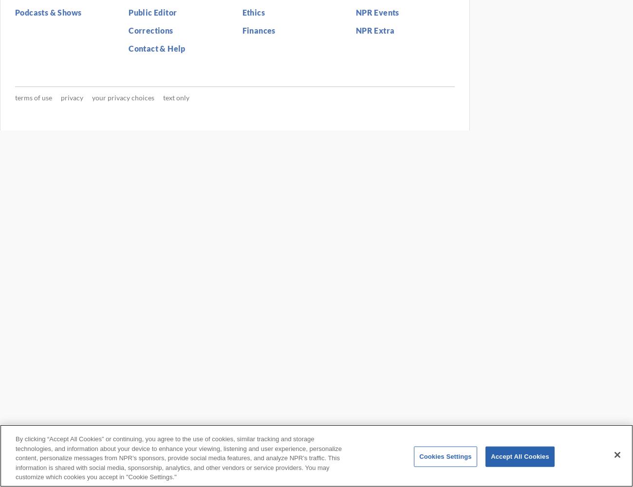  What do you see at coordinates (152, 12) in the screenshot?
I see `'Public Editor'` at bounding box center [152, 12].